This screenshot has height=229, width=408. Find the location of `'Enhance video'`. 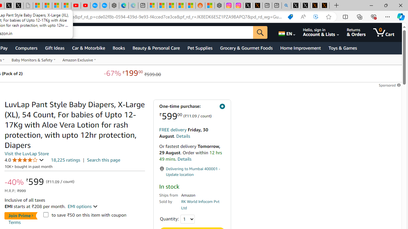

'Enhance video' is located at coordinates (316, 17).